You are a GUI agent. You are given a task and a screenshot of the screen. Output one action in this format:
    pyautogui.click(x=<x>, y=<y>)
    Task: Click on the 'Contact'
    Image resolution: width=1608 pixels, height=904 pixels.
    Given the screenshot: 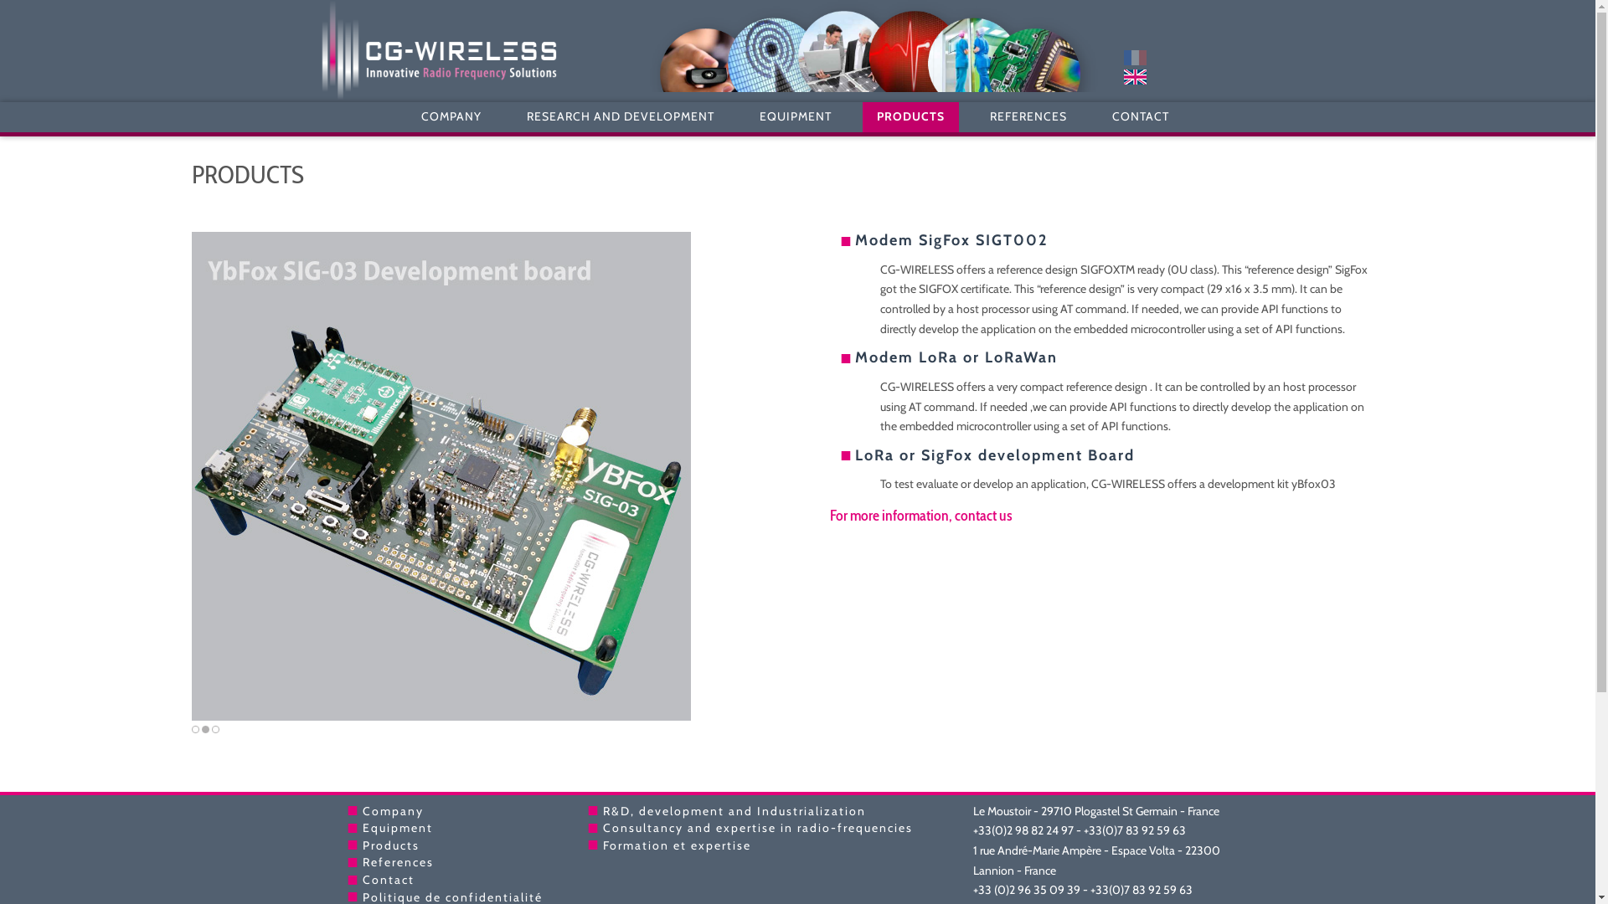 What is the action you would take?
    pyautogui.click(x=386, y=878)
    